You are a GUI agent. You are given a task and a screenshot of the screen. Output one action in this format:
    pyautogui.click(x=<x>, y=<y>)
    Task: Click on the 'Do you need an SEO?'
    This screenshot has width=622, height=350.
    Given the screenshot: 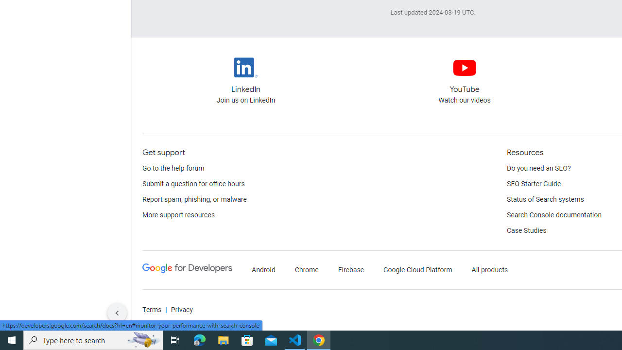 What is the action you would take?
    pyautogui.click(x=538, y=168)
    